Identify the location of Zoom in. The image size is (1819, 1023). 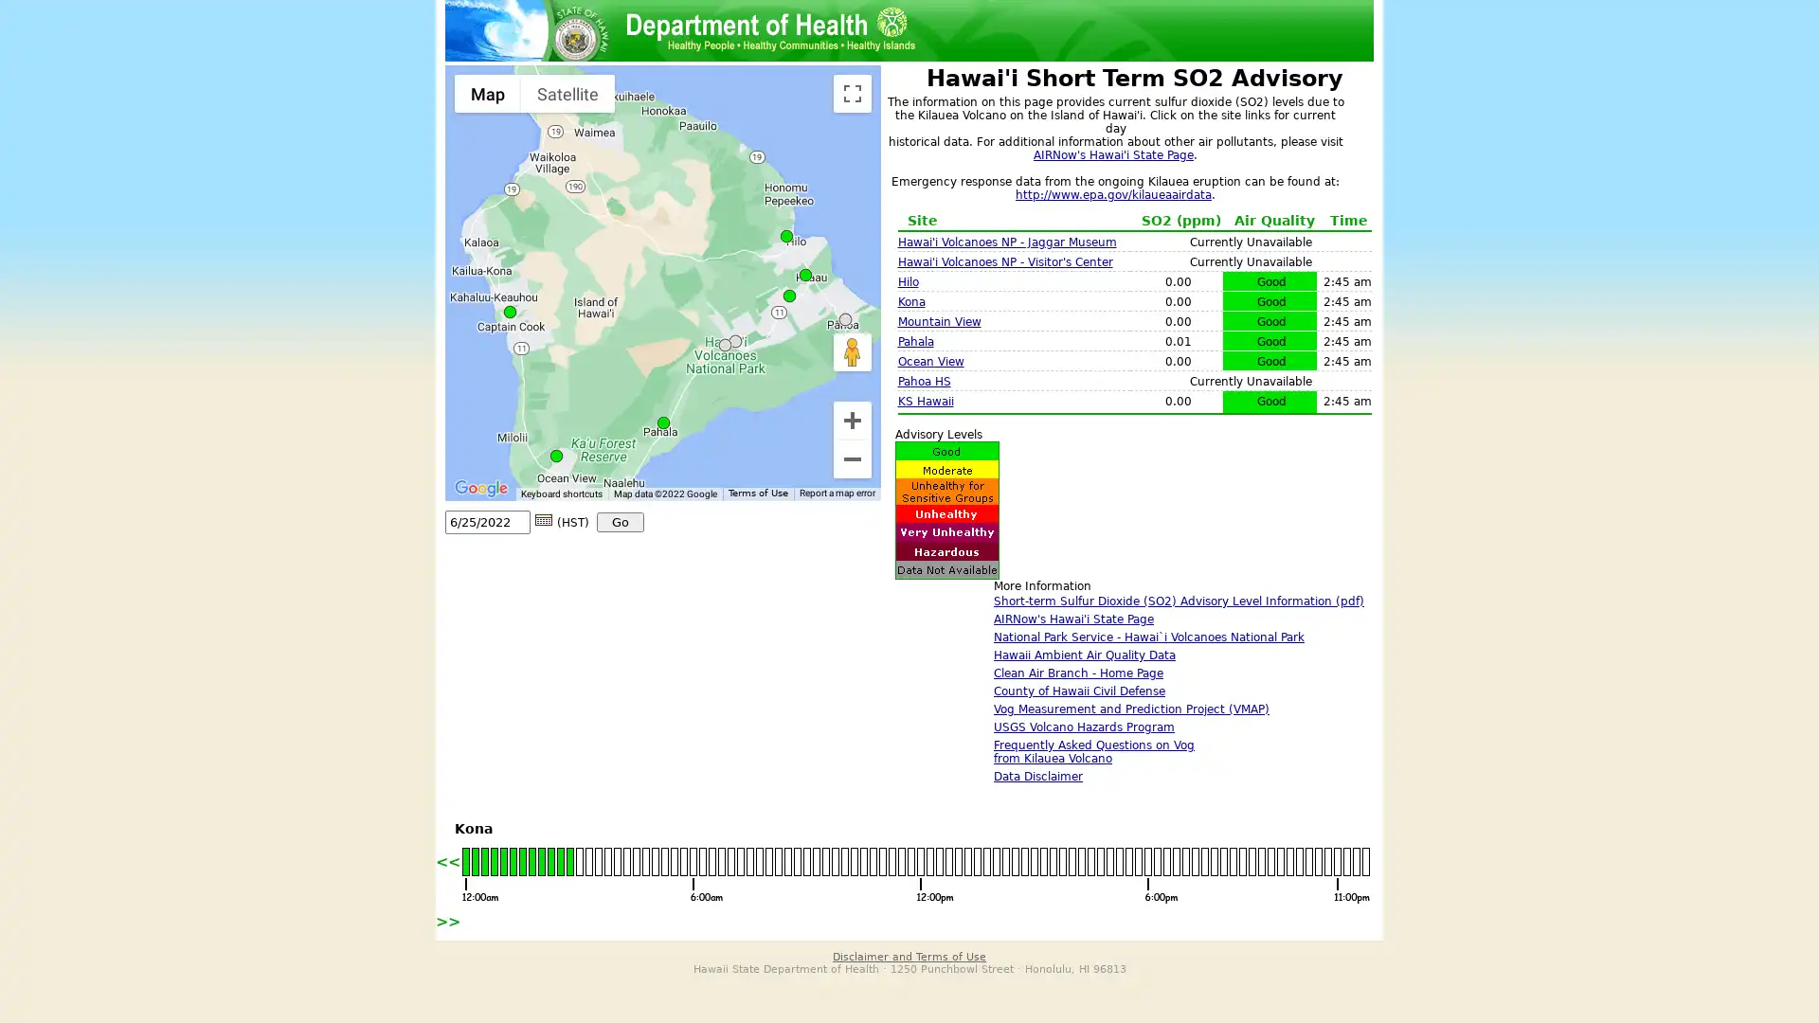
(852, 419).